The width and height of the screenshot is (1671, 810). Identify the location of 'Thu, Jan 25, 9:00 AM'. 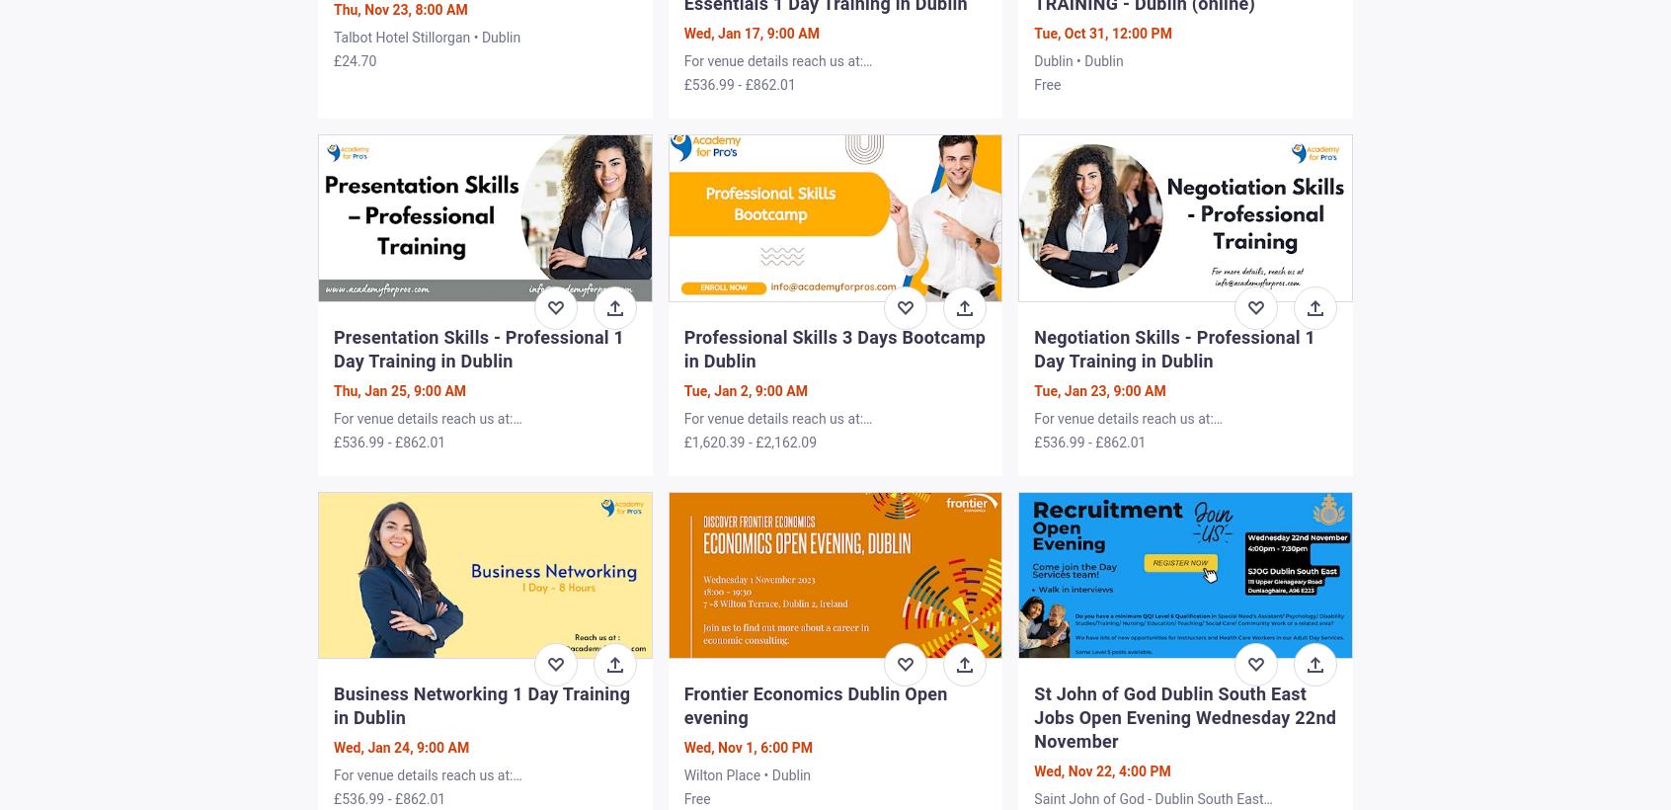
(400, 389).